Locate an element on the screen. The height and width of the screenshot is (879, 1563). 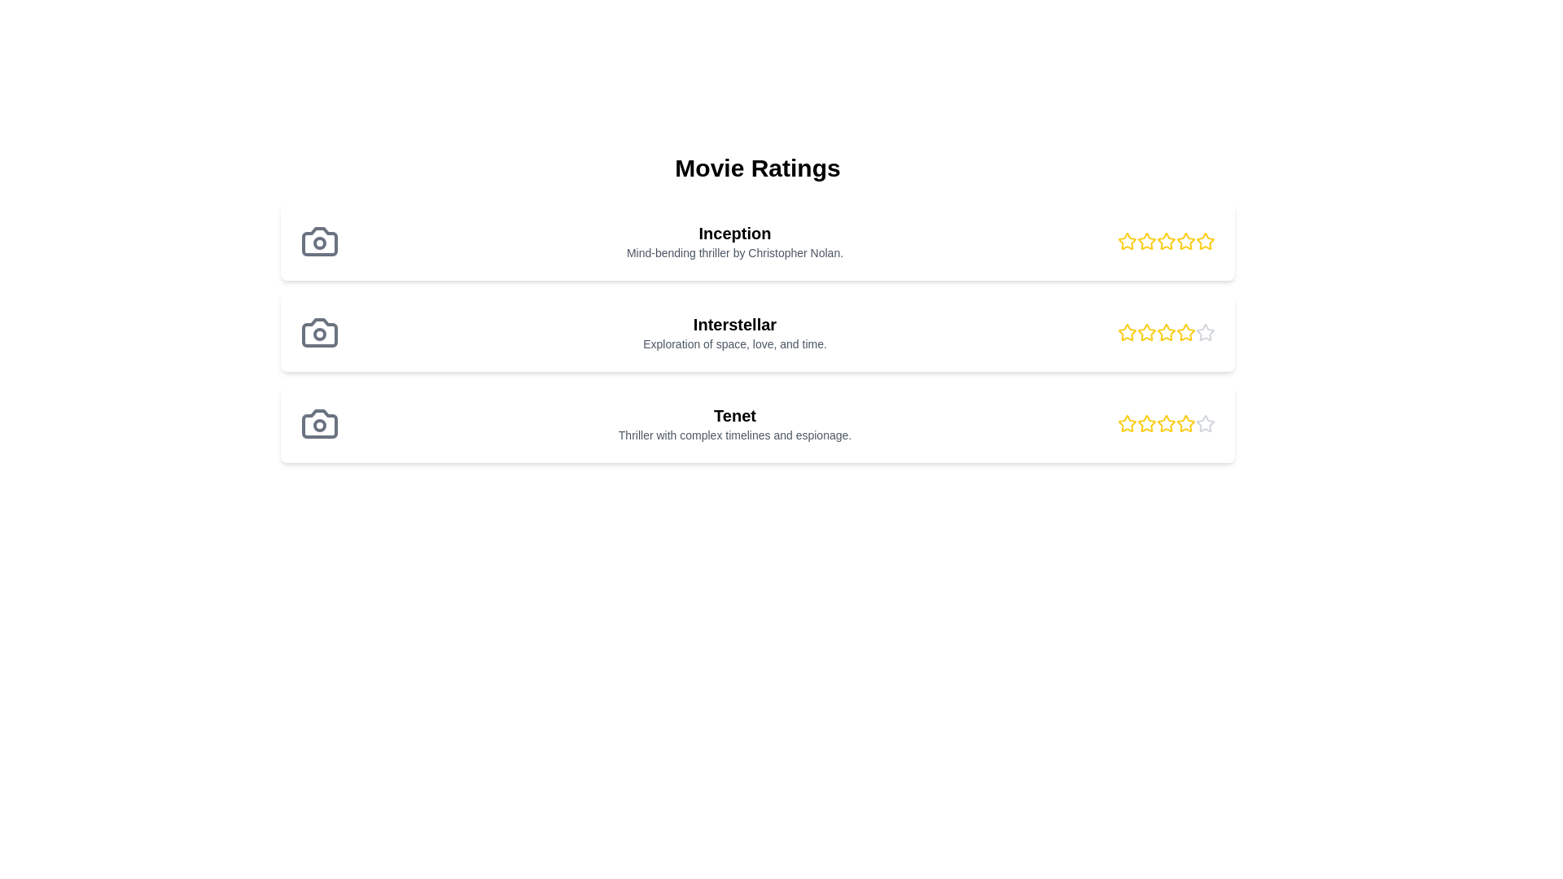
the third star icon in the rating component for the movie 'Tenet' is located at coordinates (1184, 422).